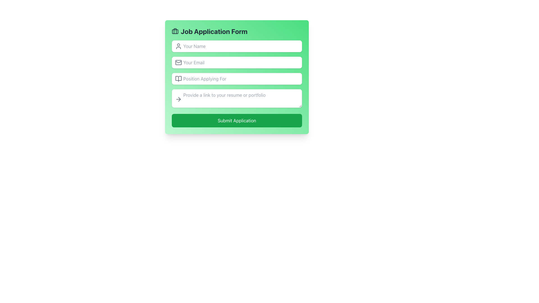  What do you see at coordinates (175, 31) in the screenshot?
I see `the Decorative SVG rectangle, which is a rounded rectangle styled with a fill color, located to the left of the text 'Job Application Form'` at bounding box center [175, 31].